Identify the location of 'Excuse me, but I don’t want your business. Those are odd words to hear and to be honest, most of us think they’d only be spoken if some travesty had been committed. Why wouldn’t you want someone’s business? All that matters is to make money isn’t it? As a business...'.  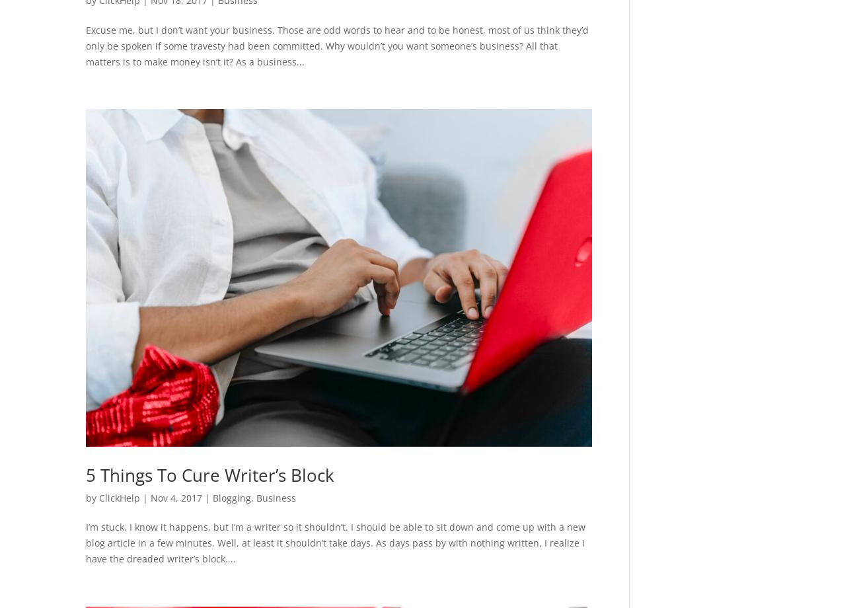
(337, 46).